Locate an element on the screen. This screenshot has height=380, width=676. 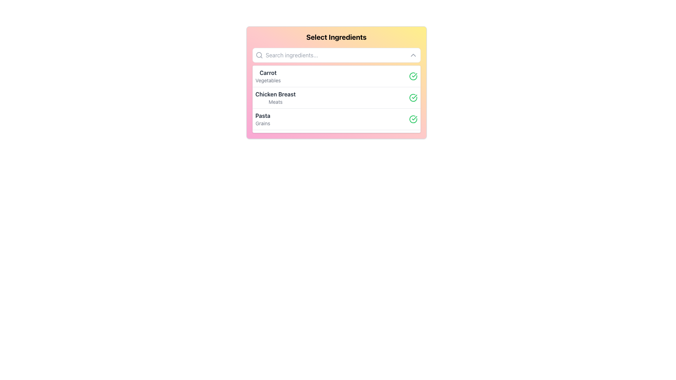
the text label indicating 'Chicken Breast', which is positioned above the 'Meats' text and below the 'Carrot' item in the list is located at coordinates (275, 94).